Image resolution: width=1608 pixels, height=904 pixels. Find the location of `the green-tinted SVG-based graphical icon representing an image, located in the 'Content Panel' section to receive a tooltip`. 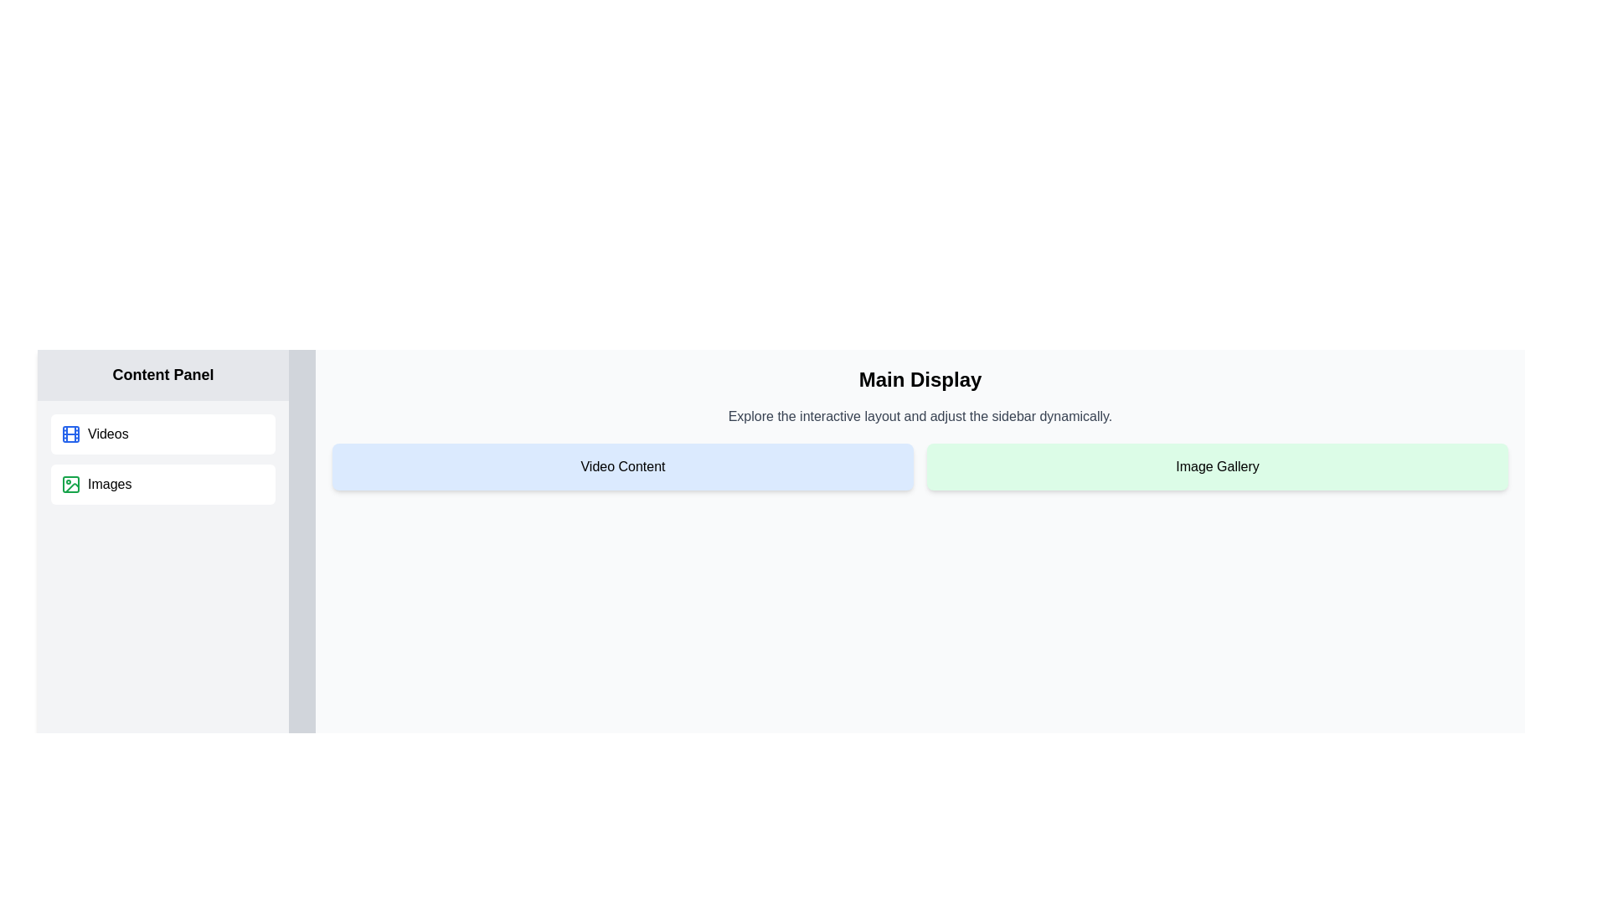

the green-tinted SVG-based graphical icon representing an image, located in the 'Content Panel' section to receive a tooltip is located at coordinates (70, 484).